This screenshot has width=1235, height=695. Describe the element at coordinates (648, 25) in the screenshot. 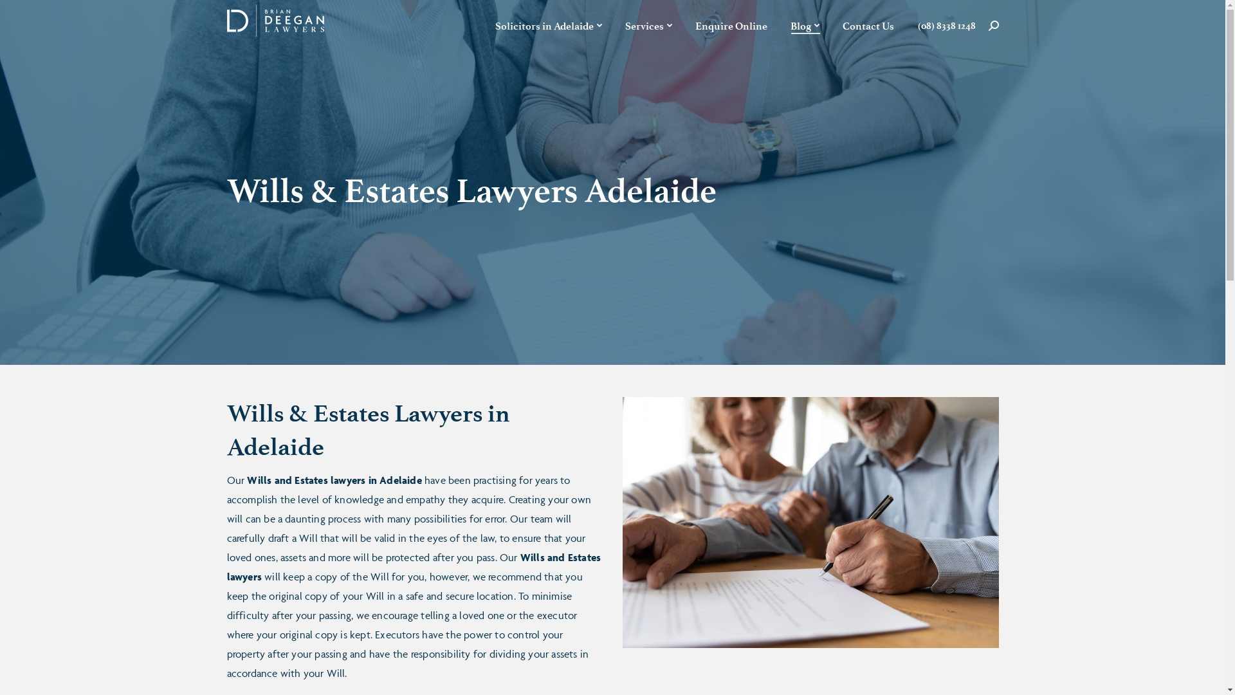

I see `'Services'` at that location.